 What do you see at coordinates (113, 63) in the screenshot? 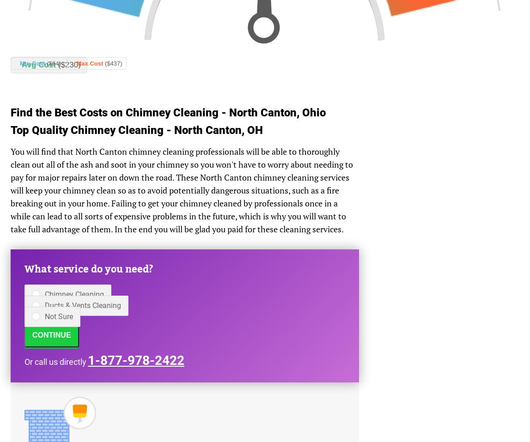
I see `'($437)'` at bounding box center [113, 63].